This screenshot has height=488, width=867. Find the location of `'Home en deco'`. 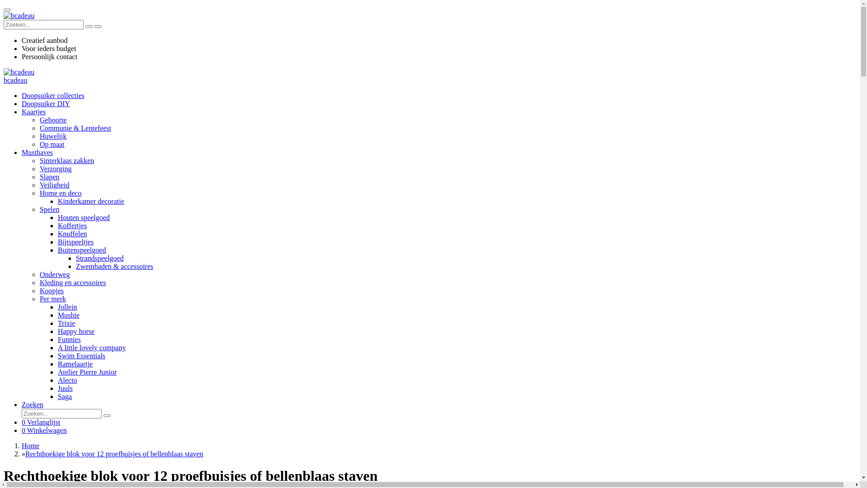

'Home en deco' is located at coordinates (39, 192).